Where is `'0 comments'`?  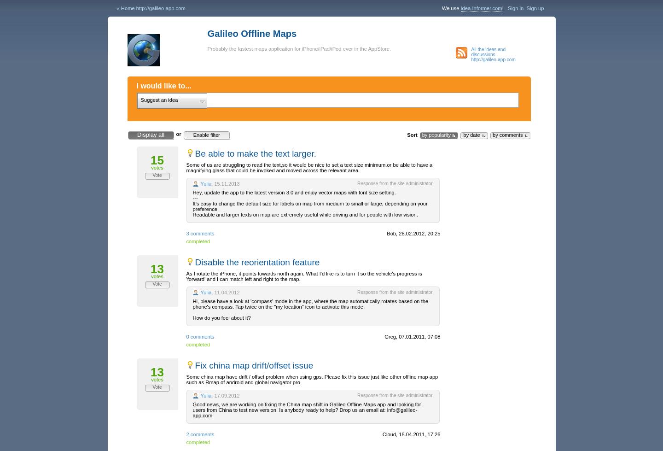 '0 comments' is located at coordinates (200, 336).